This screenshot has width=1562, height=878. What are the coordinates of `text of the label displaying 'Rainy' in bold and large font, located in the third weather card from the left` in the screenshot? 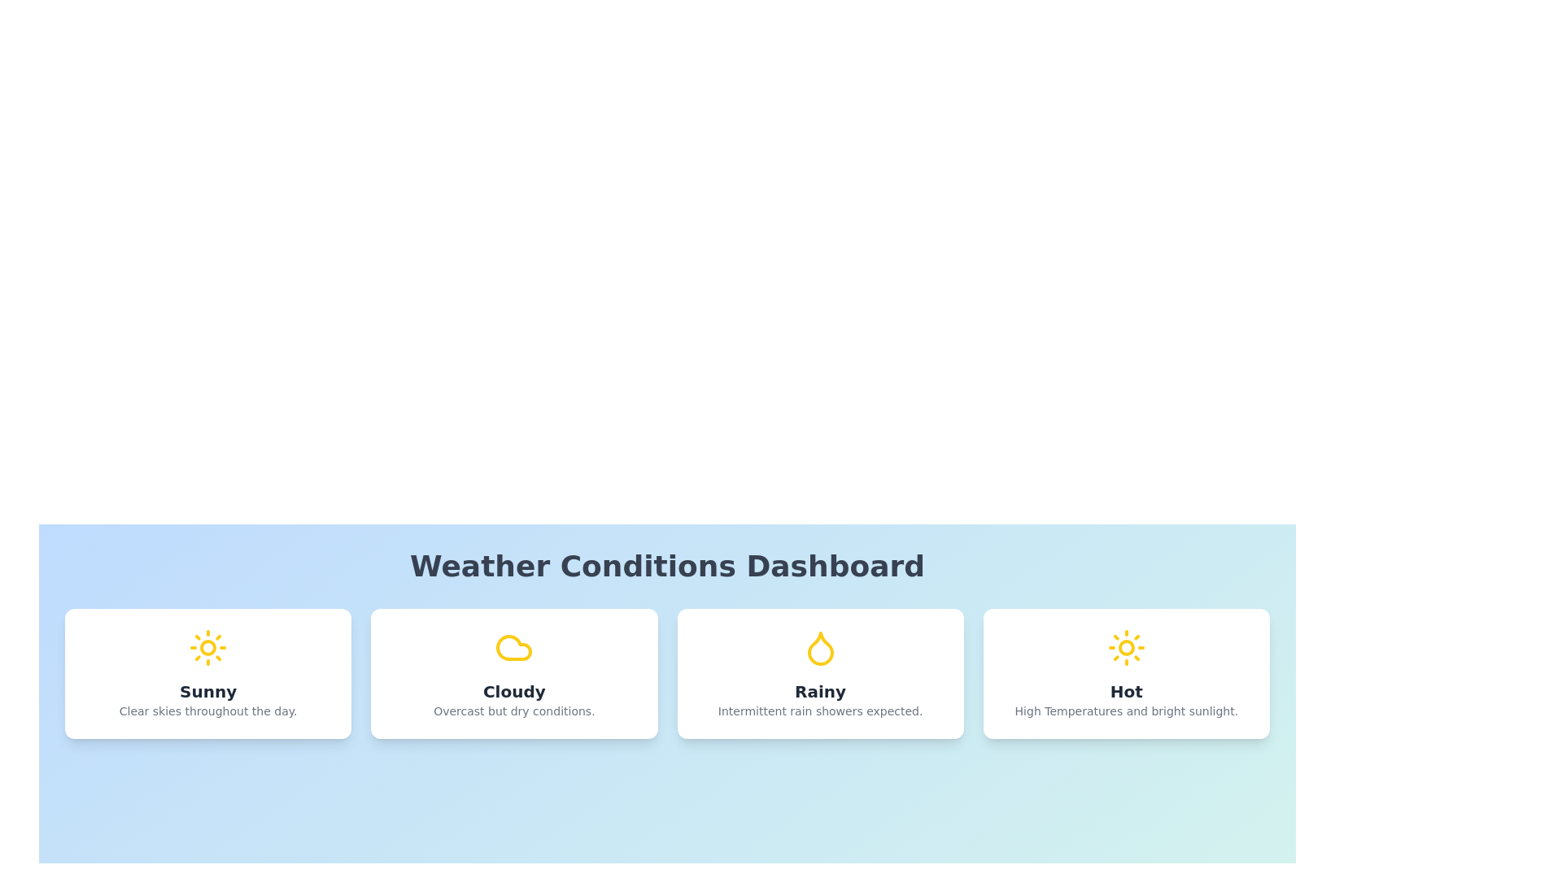 It's located at (820, 692).